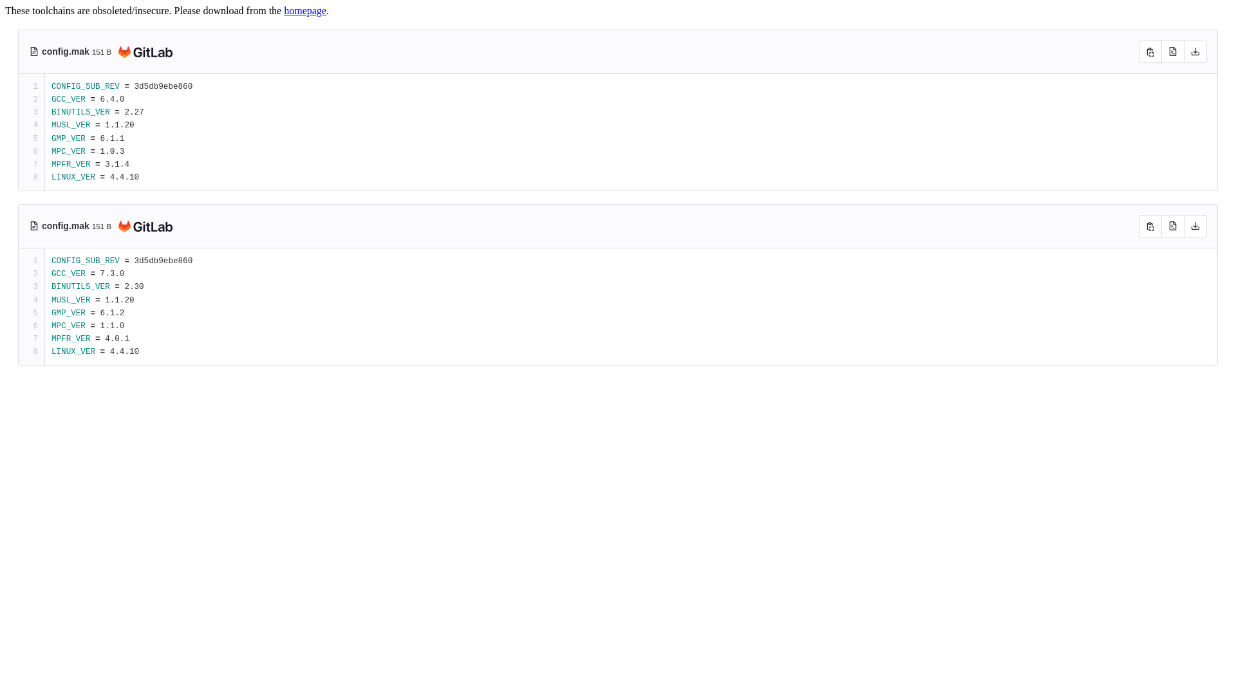 This screenshot has width=1236, height=695. I want to click on 'Download', so click(1195, 225).